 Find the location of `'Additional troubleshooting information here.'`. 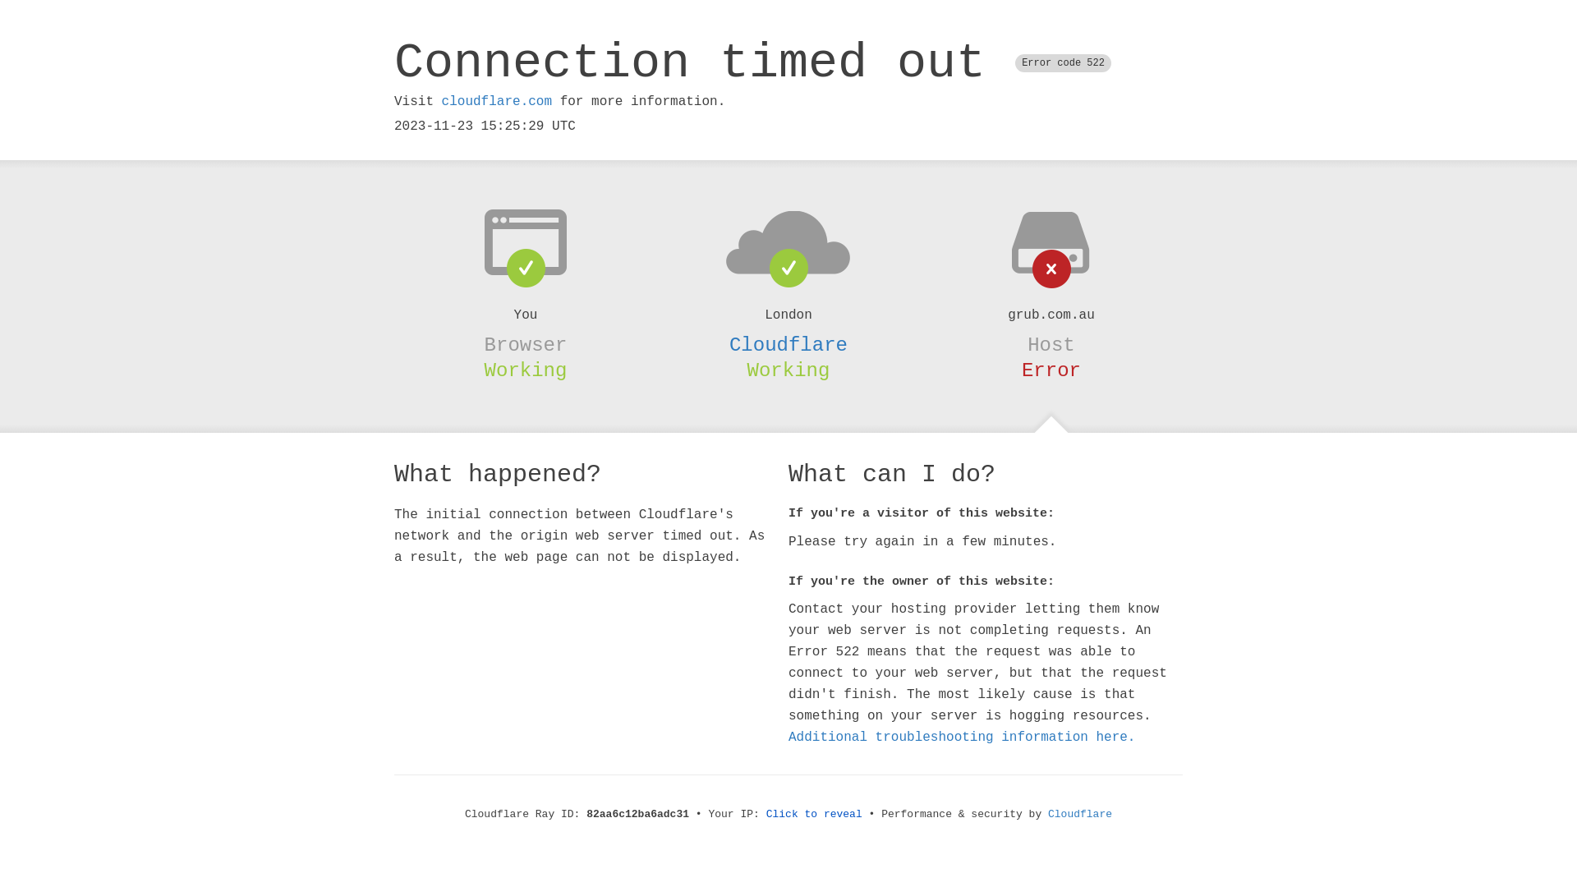

'Additional troubleshooting information here.' is located at coordinates (962, 737).